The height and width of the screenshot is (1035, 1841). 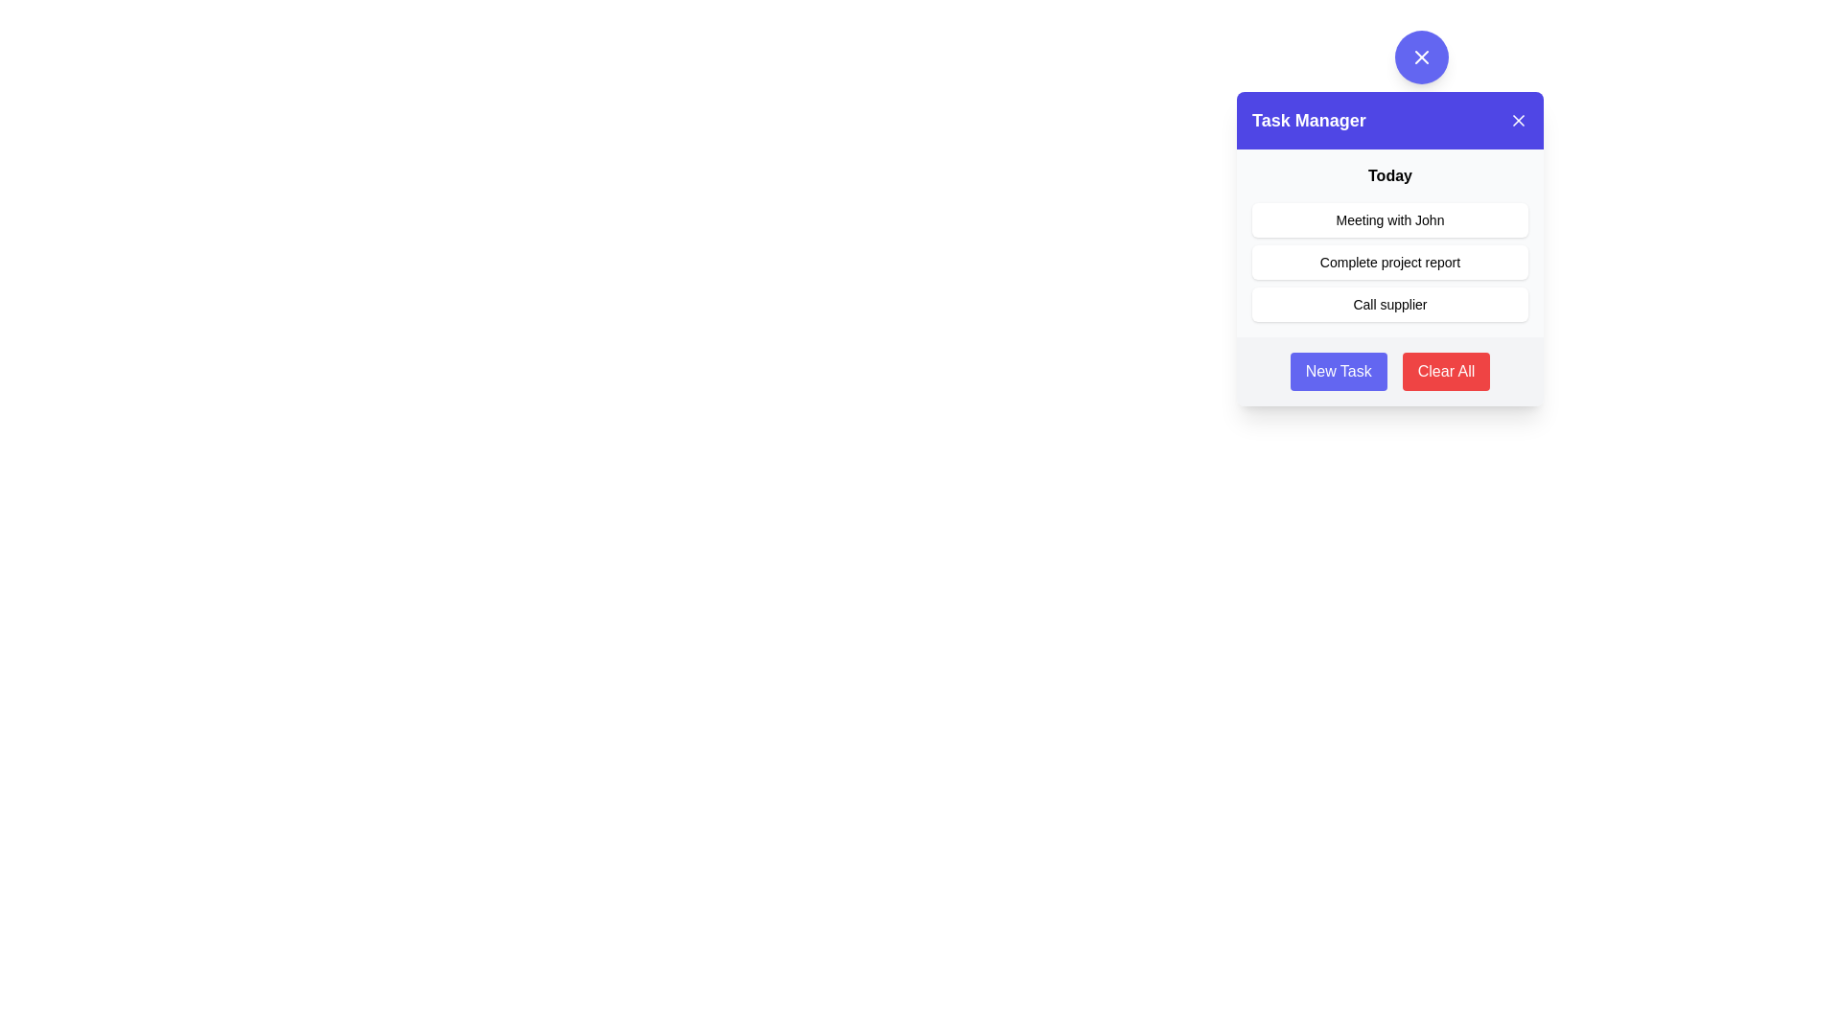 I want to click on the static text label that serves as a title for the task management interface, located in the header section with a blue bar background, so click(x=1308, y=121).